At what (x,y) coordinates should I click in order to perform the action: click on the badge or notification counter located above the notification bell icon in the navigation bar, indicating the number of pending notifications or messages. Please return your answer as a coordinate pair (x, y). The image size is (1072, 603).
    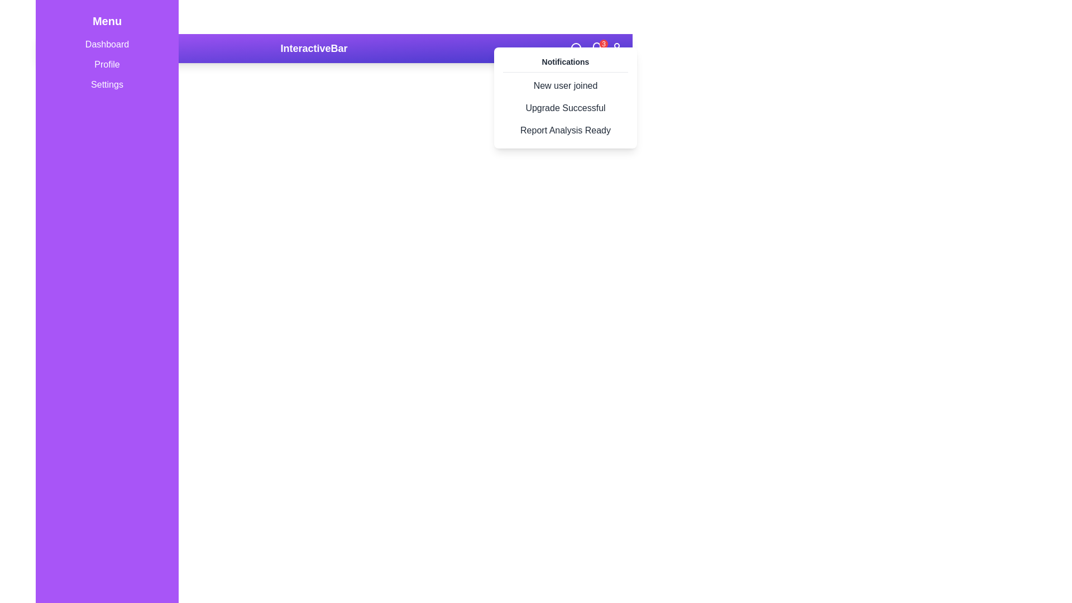
    Looking at the image, I should click on (596, 48).